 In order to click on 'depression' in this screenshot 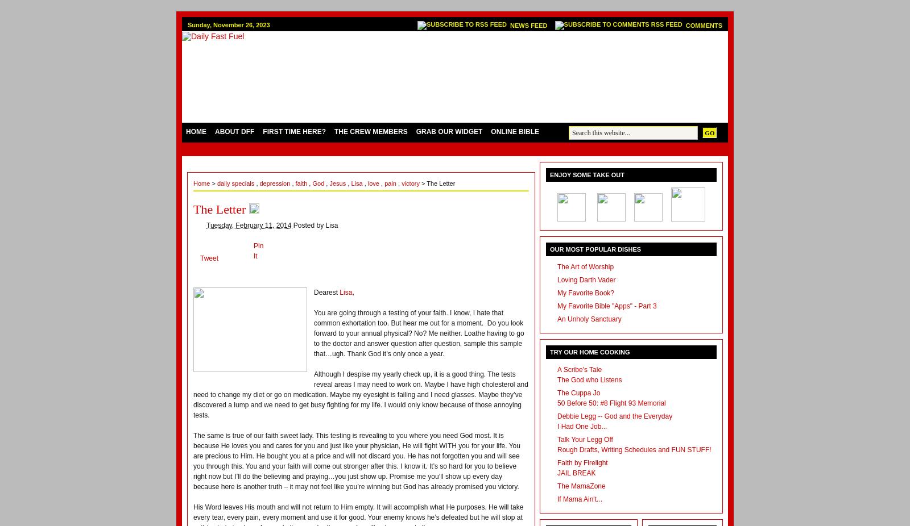, I will do `click(275, 183)`.